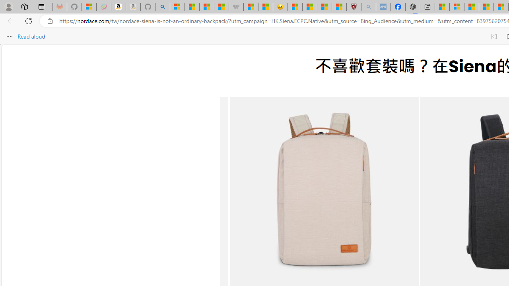 This screenshot has height=286, width=509. What do you see at coordinates (235, 7) in the screenshot?
I see `'Combat Siege'` at bounding box center [235, 7].